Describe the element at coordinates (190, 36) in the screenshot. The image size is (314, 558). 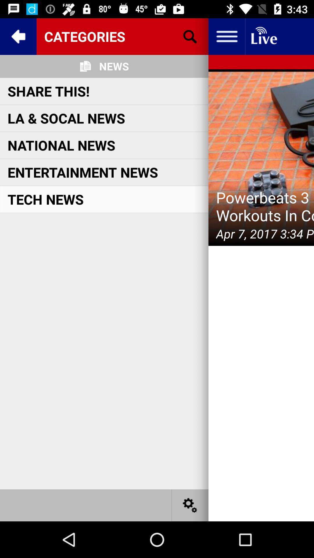
I see `icon to the right of the news item` at that location.